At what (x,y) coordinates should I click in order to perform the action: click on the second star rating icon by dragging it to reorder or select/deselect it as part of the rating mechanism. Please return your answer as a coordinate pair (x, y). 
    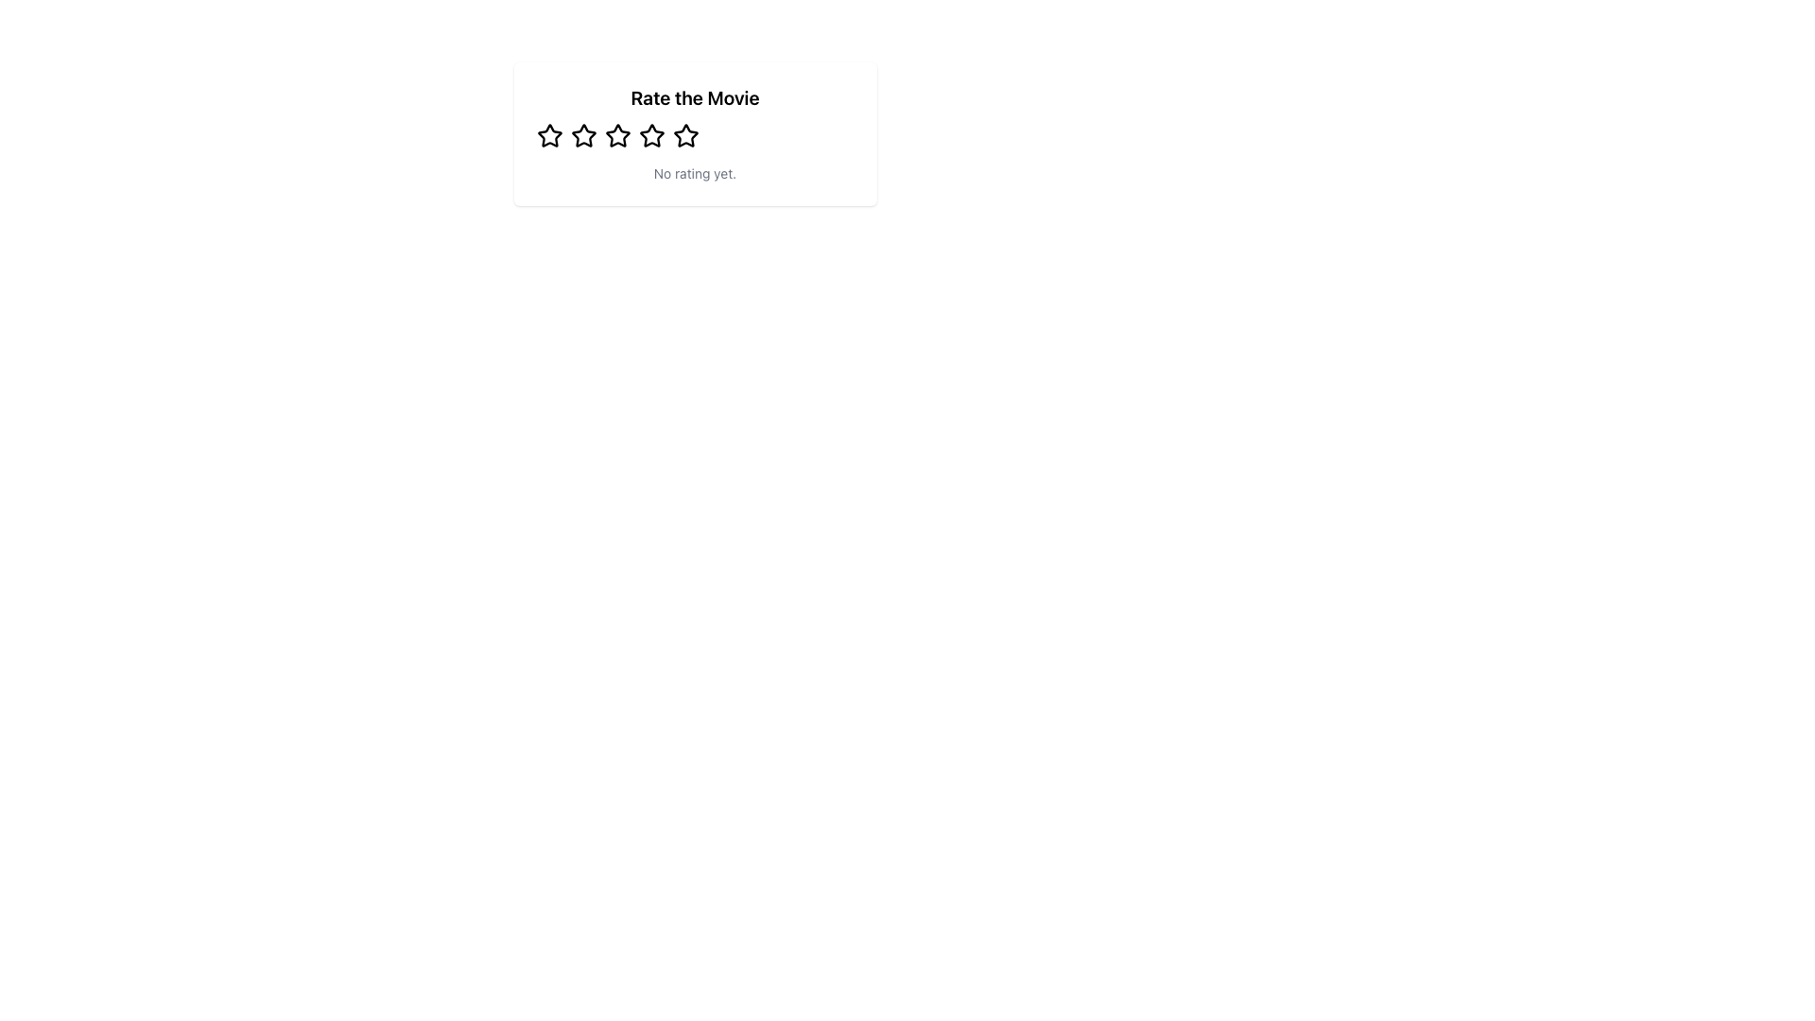
    Looking at the image, I should click on (617, 134).